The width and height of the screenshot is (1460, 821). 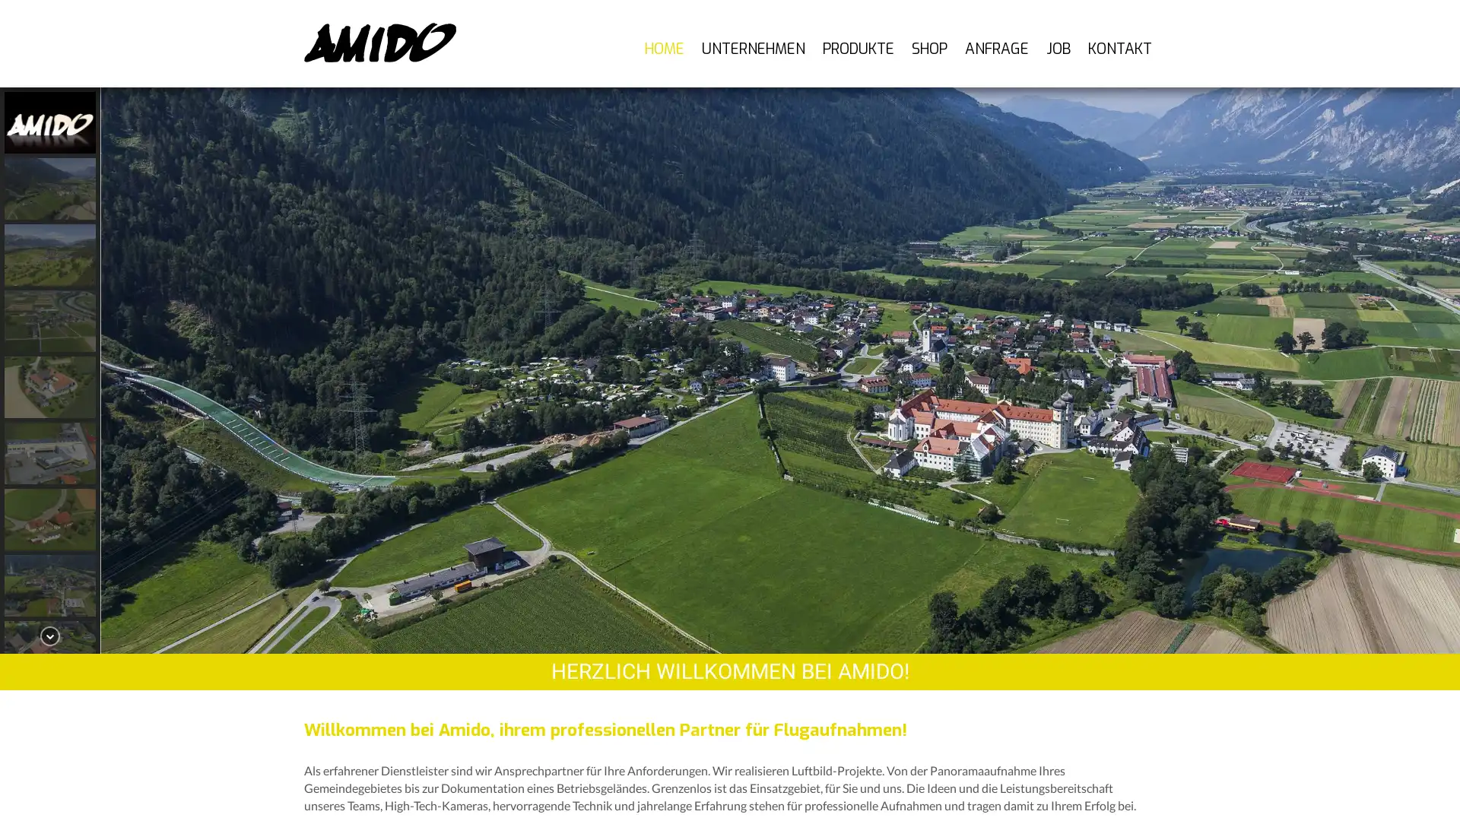 What do you see at coordinates (50, 254) in the screenshot?
I see `Thumbnail 2` at bounding box center [50, 254].